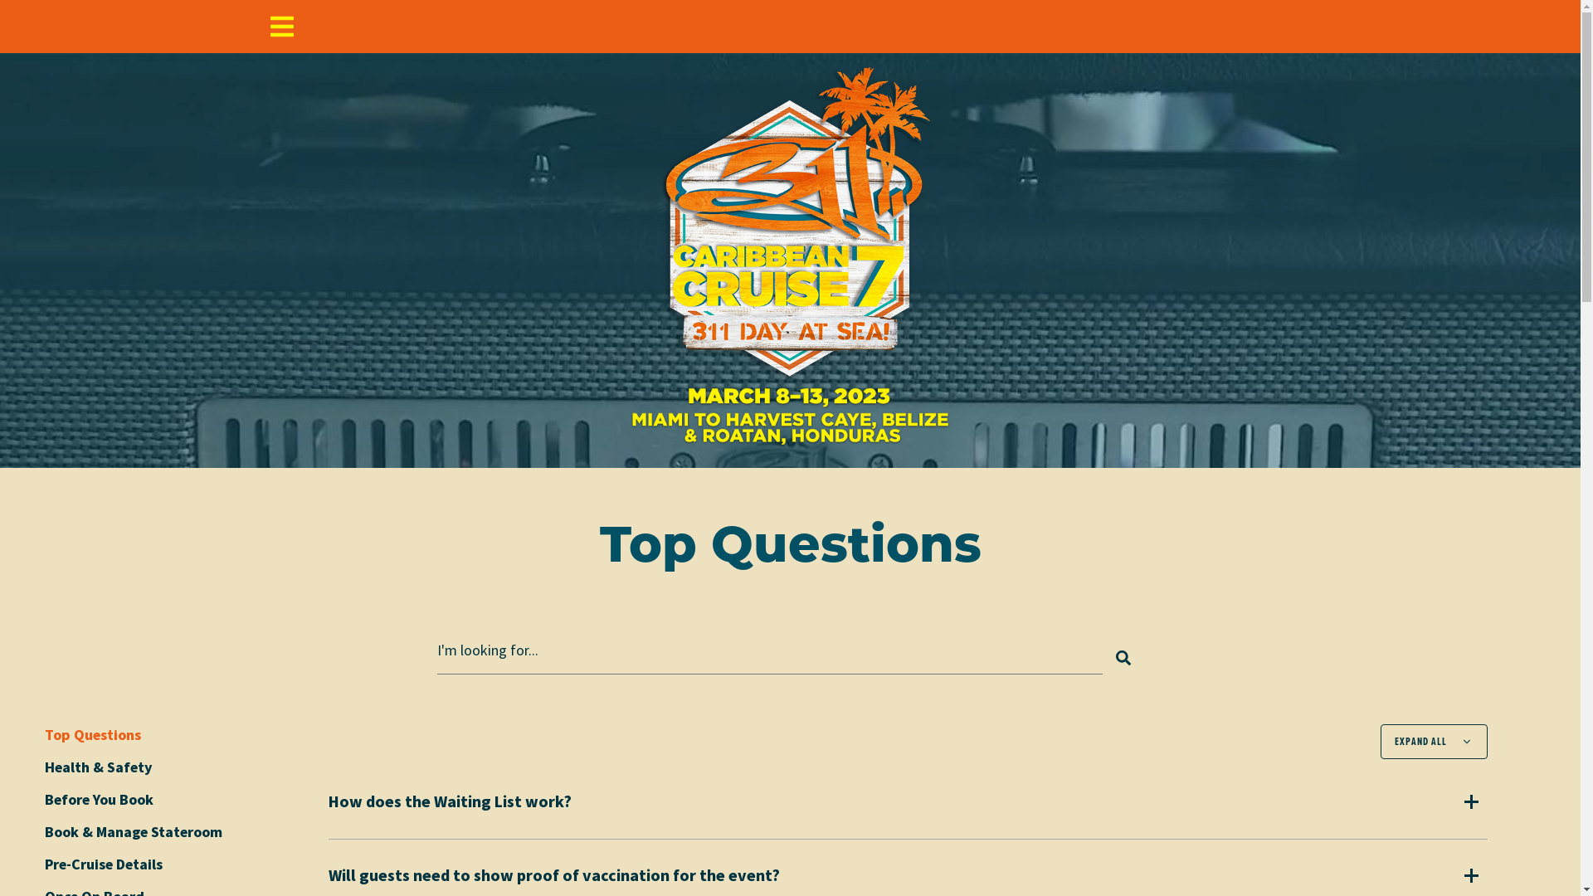  Describe the element at coordinates (44, 798) in the screenshot. I see `'Before You Book'` at that location.